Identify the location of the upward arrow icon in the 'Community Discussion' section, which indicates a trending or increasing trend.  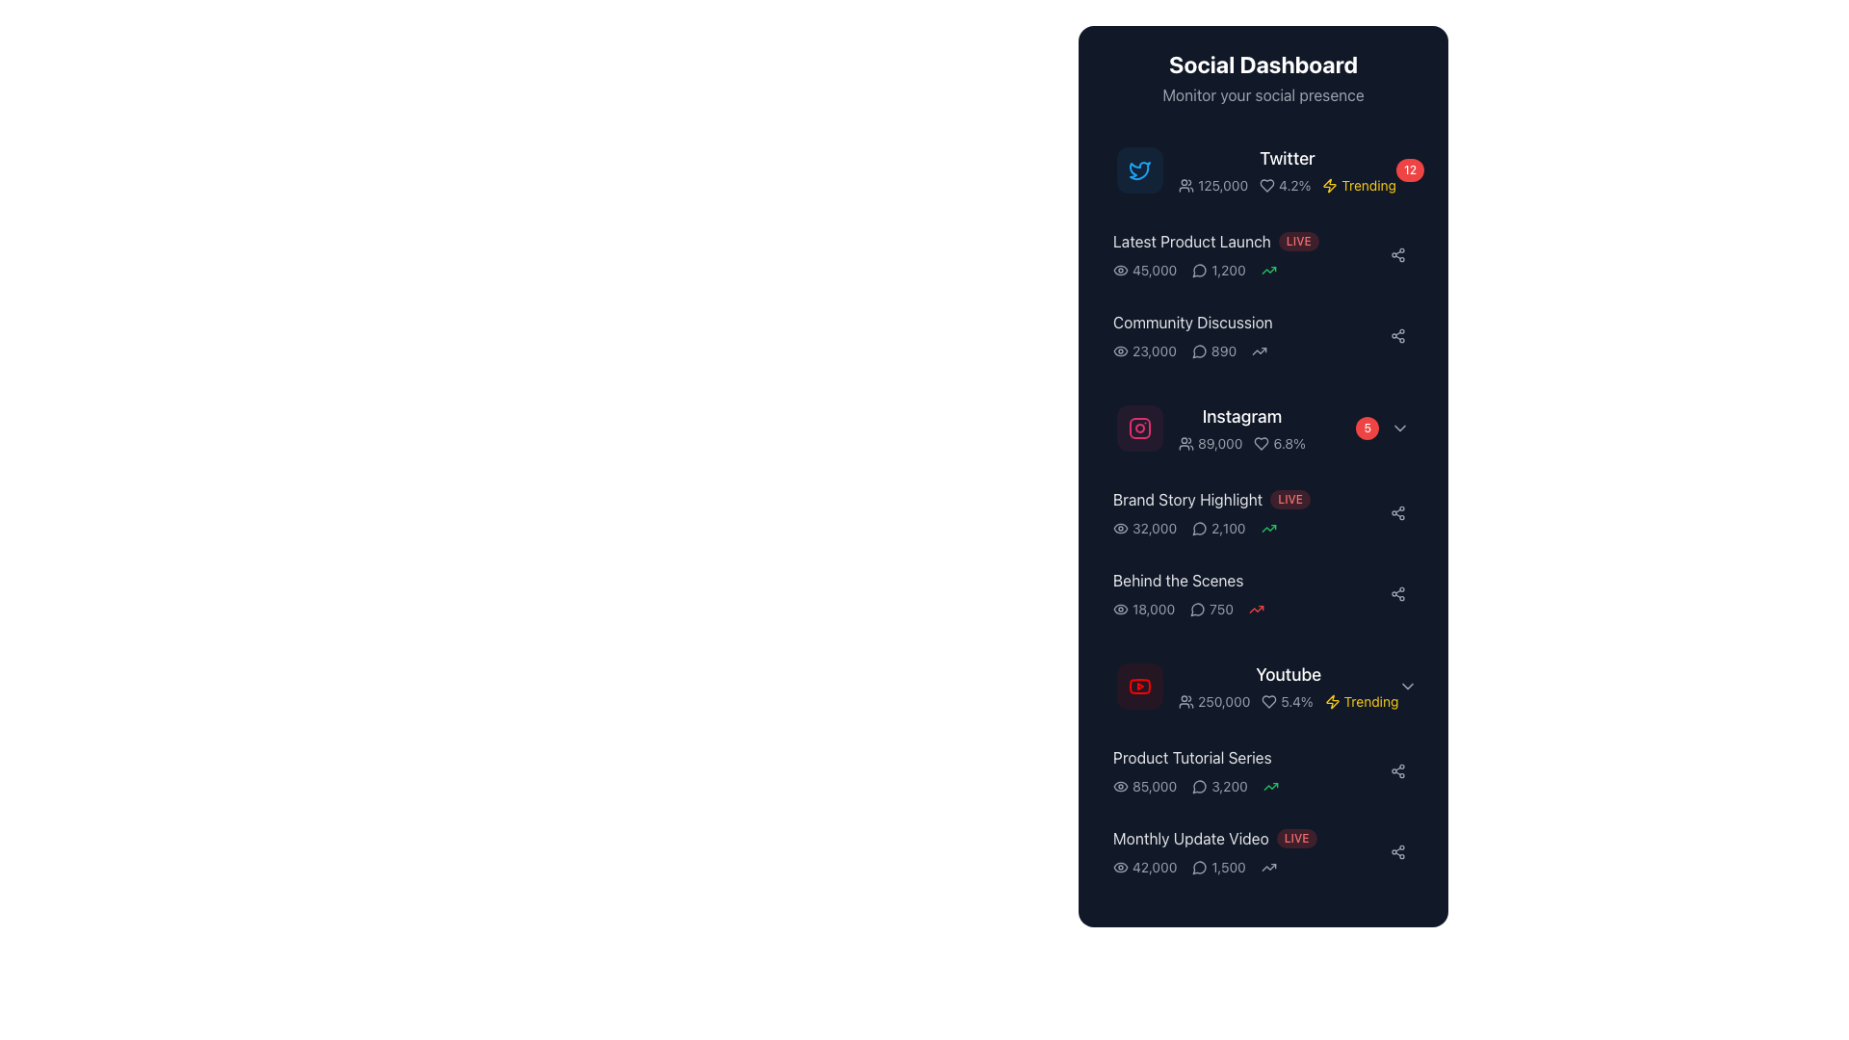
(1260, 351).